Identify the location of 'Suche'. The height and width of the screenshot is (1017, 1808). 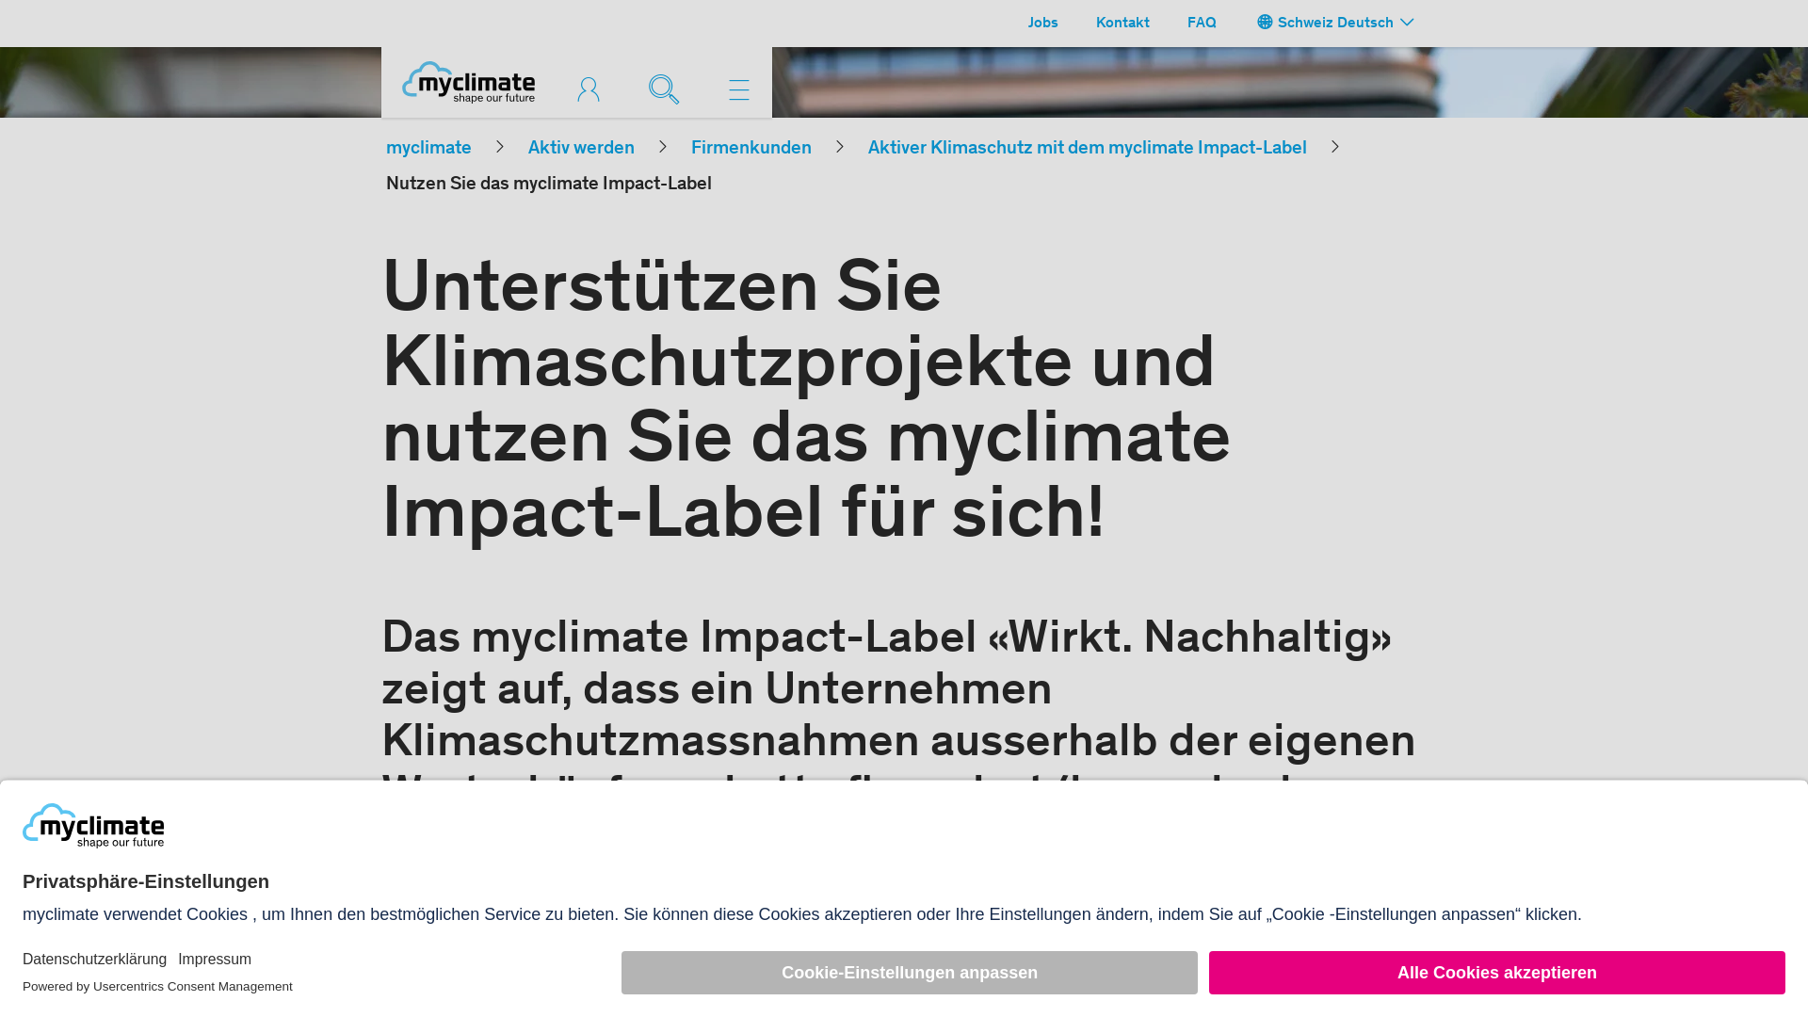
(669, 87).